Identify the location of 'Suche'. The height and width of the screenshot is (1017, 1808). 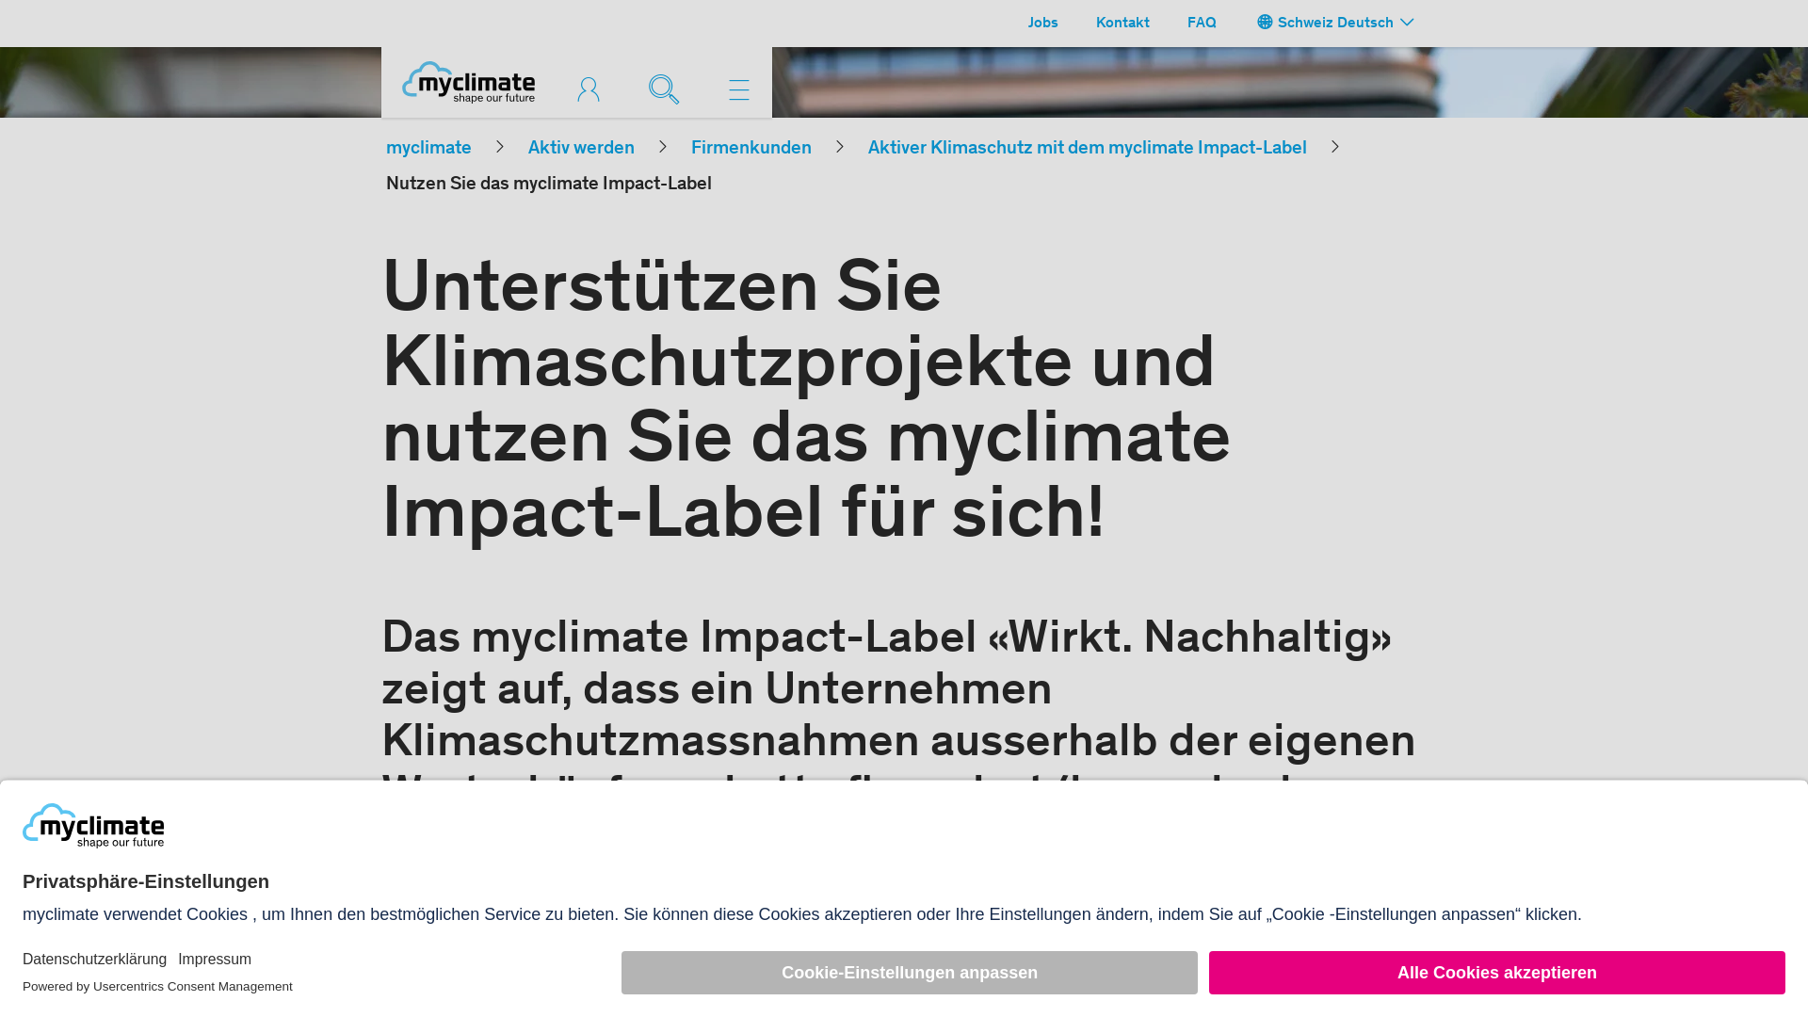
(669, 87).